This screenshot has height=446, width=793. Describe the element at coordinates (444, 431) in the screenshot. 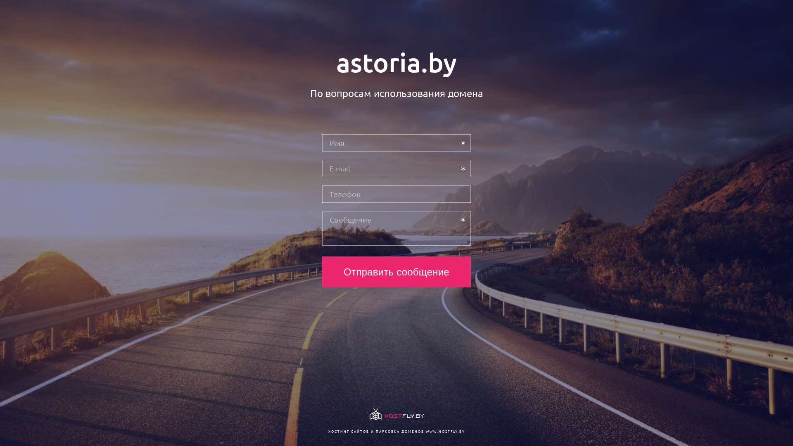

I see `'WWW.HOSTFLY.BY'` at that location.